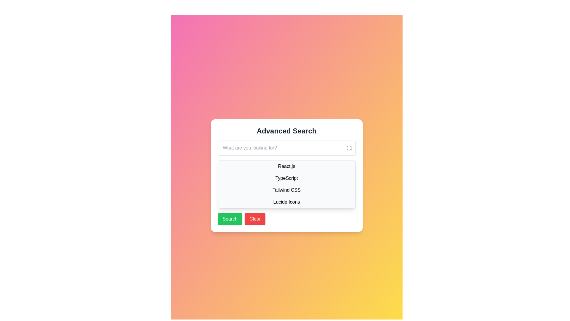 This screenshot has height=321, width=570. What do you see at coordinates (286, 166) in the screenshot?
I see `the first selectable item in the dropdown list` at bounding box center [286, 166].